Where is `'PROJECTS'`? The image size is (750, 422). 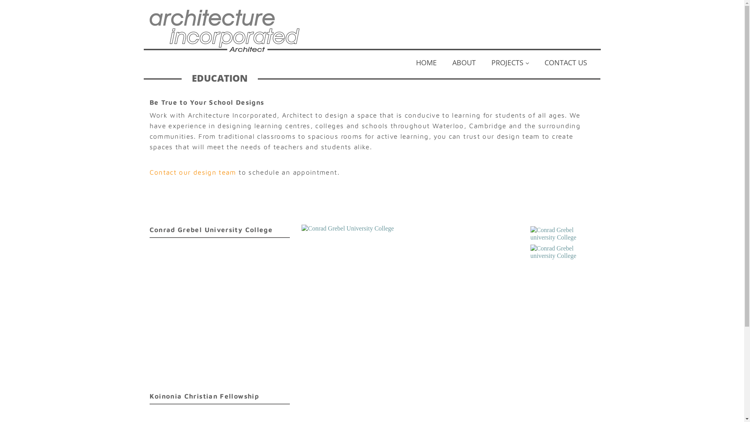 'PROJECTS' is located at coordinates (483, 64).